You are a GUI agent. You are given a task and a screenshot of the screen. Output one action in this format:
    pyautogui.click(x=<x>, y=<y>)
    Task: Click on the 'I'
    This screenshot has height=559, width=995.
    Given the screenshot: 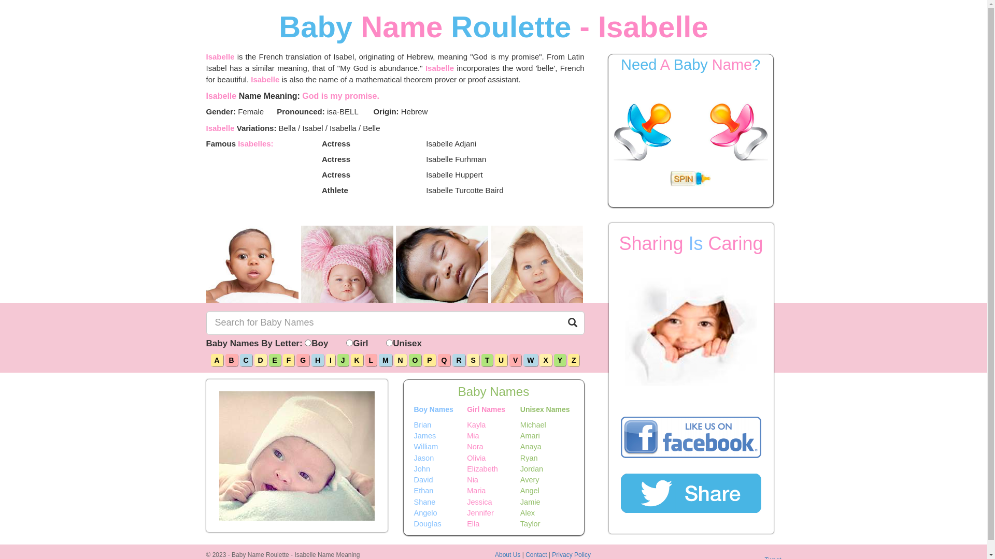 What is the action you would take?
    pyautogui.click(x=330, y=359)
    